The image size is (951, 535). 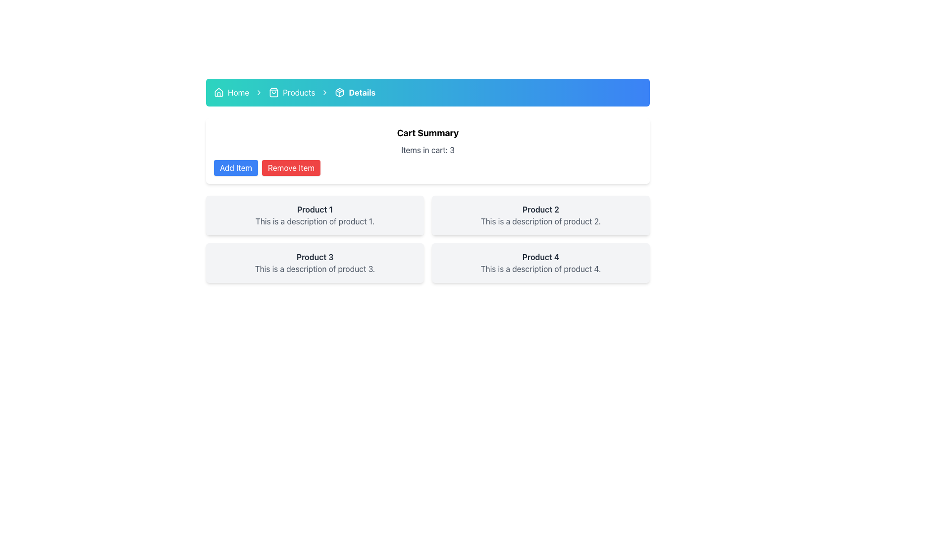 What do you see at coordinates (235, 167) in the screenshot?
I see `the blue 'Add Item' button with white text` at bounding box center [235, 167].